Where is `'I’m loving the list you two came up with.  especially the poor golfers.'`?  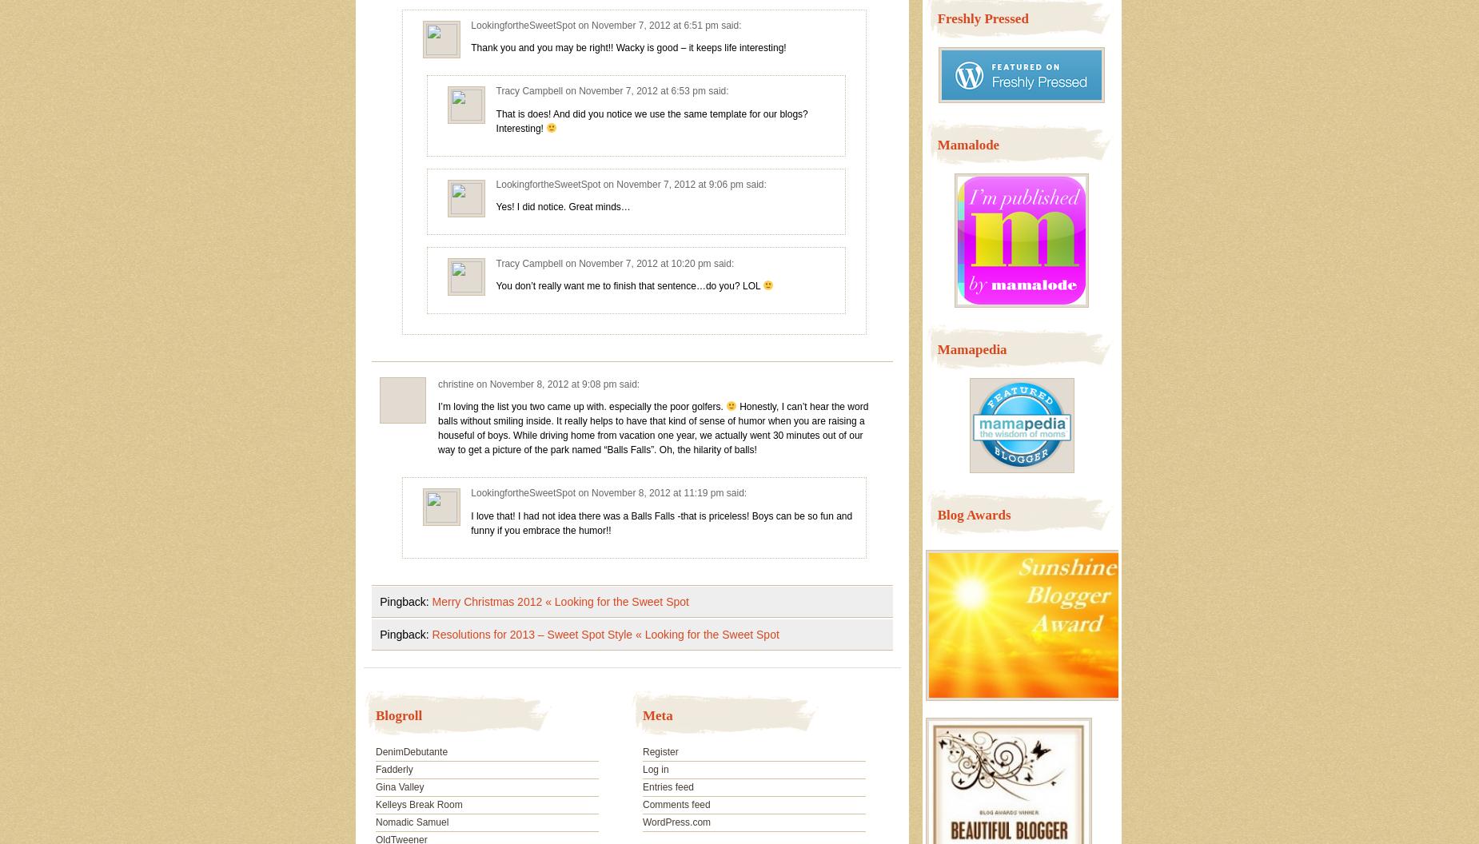 'I’m loving the list you two came up with.  especially the poor golfers.' is located at coordinates (581, 405).